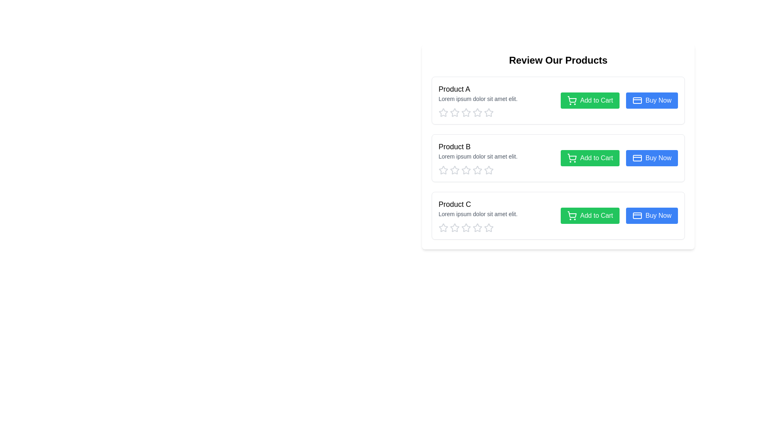  Describe the element at coordinates (443, 112) in the screenshot. I see `the first star rating icon, which is outlined in light gray and part of a rating system under 'Product A' in the 'Review Our Products' section` at that location.